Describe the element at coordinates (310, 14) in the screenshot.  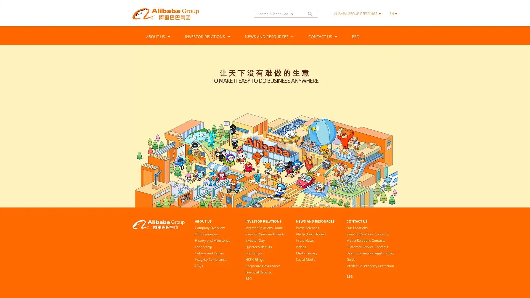
I see `Submit` at that location.